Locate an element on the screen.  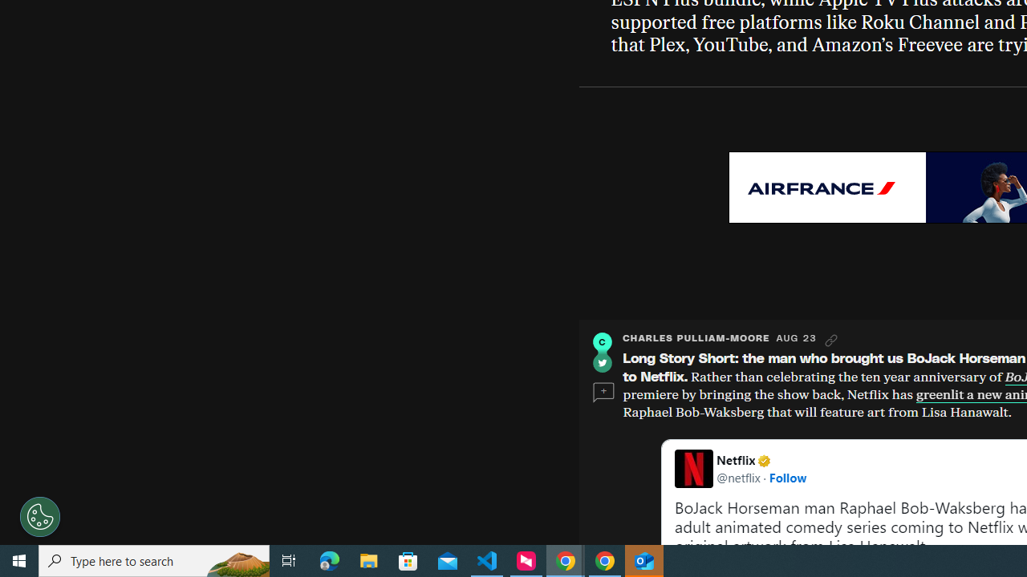
'AUG 23' is located at coordinates (796, 337).